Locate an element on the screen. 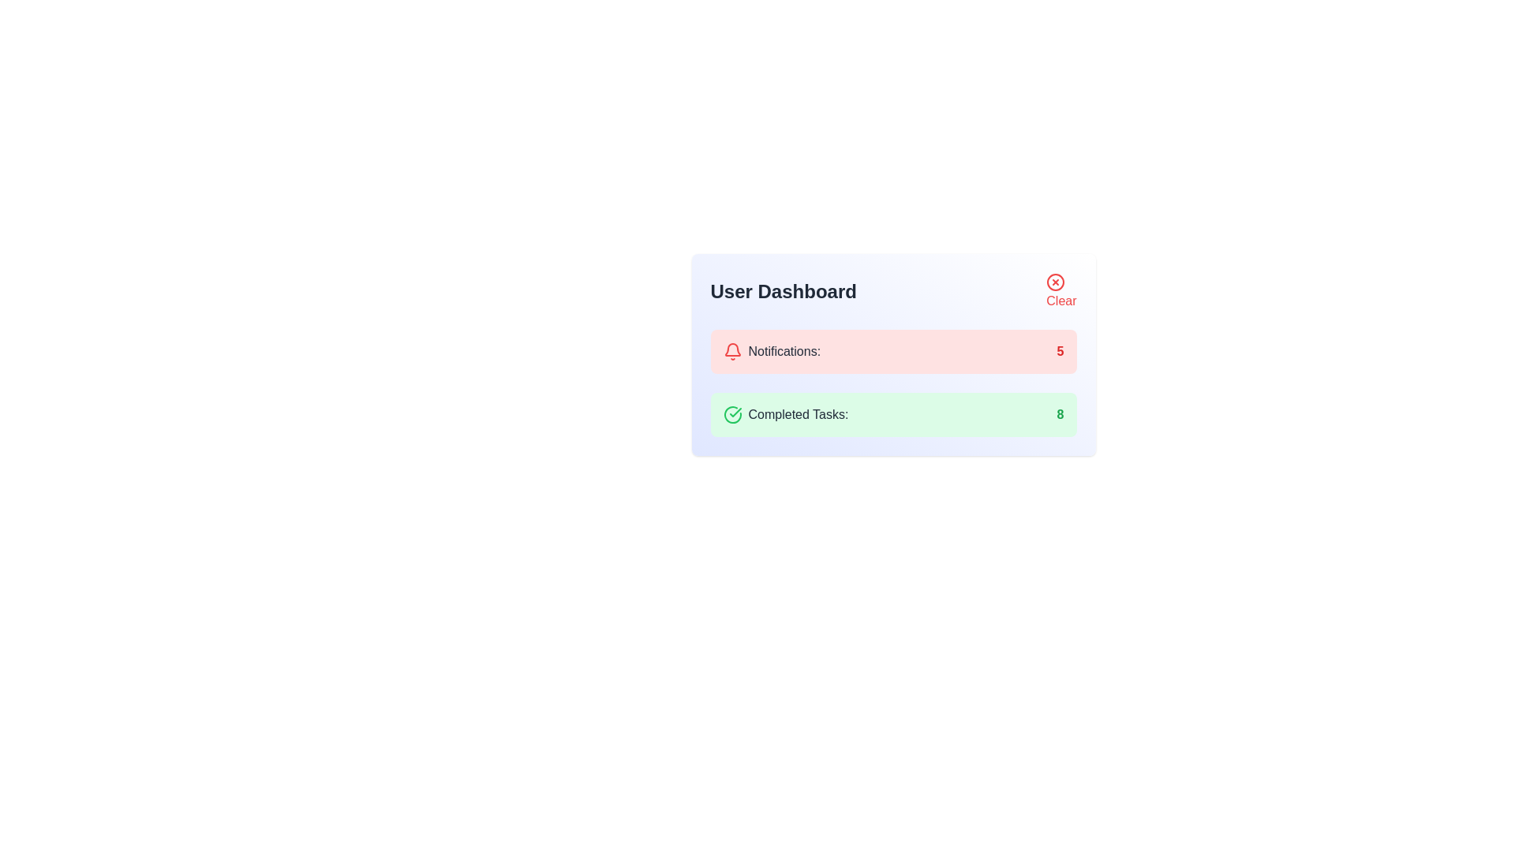 The width and height of the screenshot is (1515, 852). the visual indicator icon representing the successful completion of tasks, located to the left of the 'Completed Tasks:' label is located at coordinates (731, 413).